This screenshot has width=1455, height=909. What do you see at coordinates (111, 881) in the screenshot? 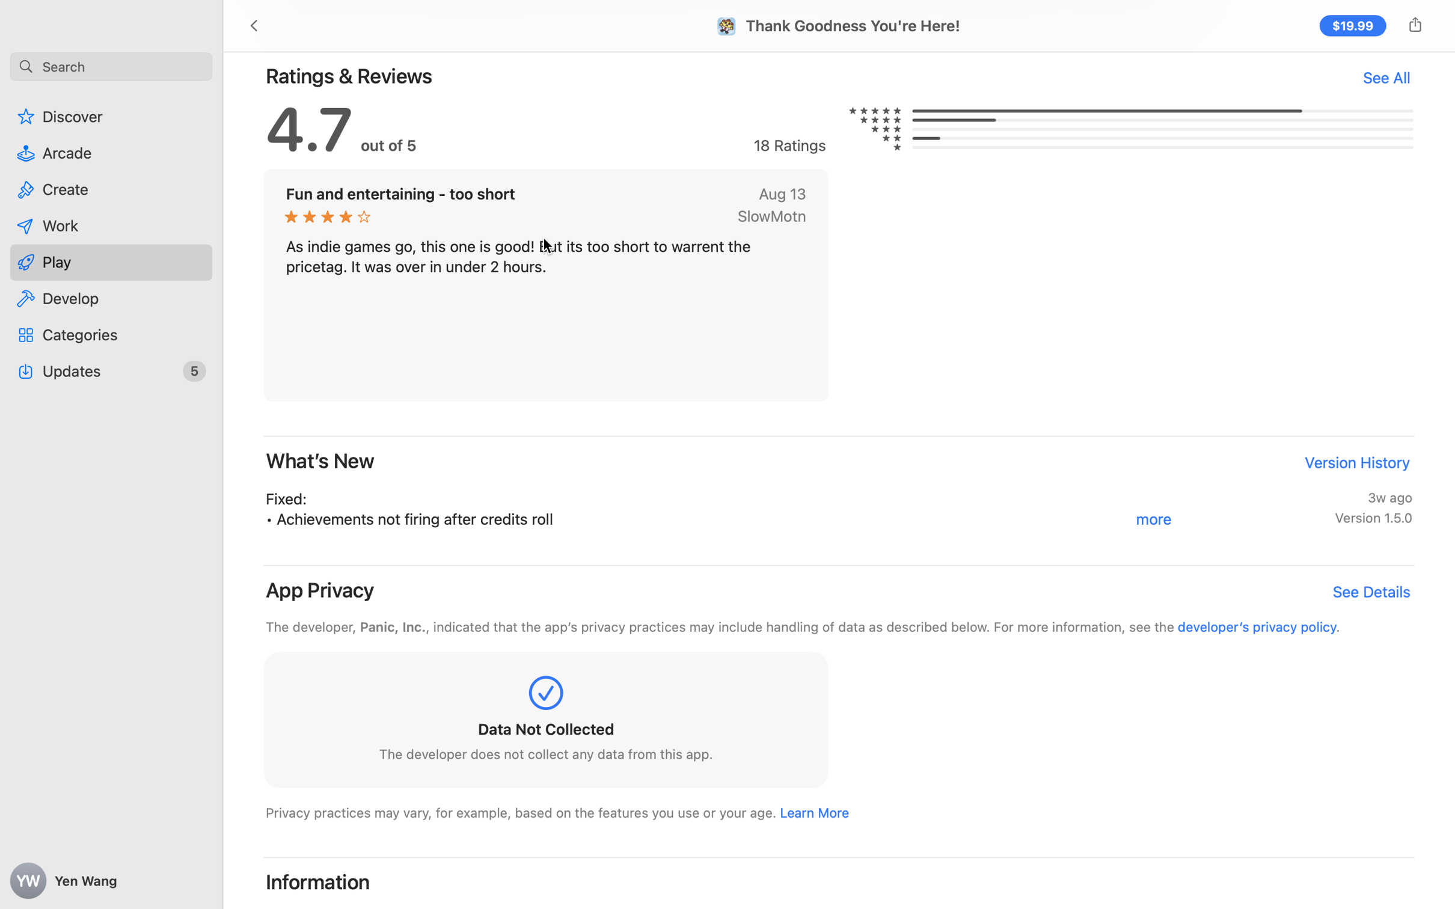
I see `'Yen Wang'` at bounding box center [111, 881].